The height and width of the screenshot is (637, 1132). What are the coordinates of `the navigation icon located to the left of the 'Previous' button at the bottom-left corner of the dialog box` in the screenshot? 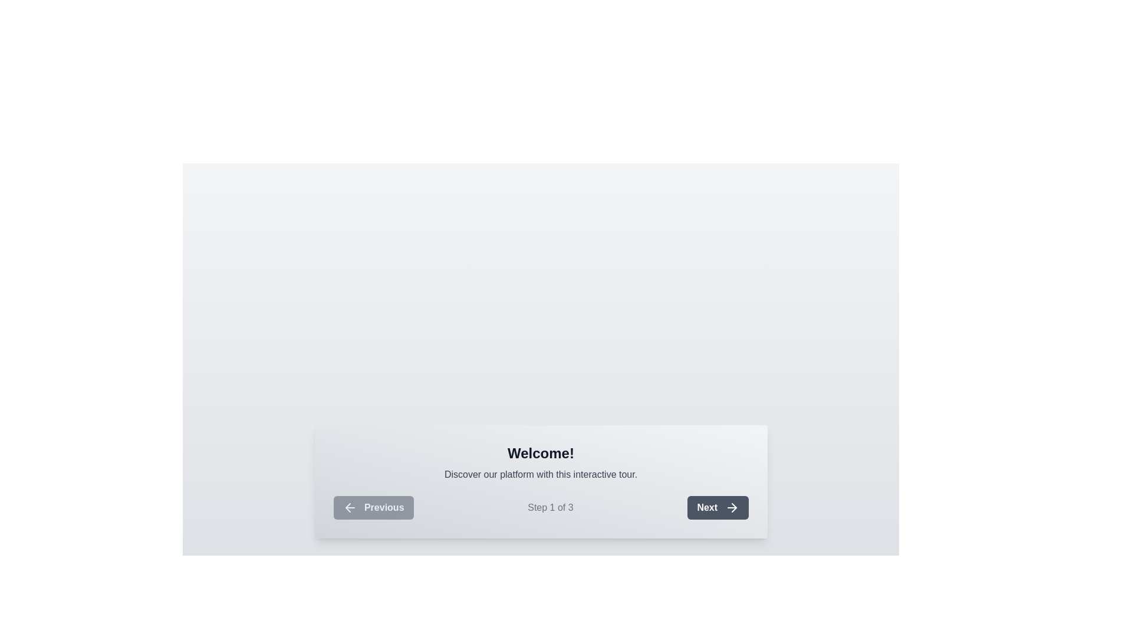 It's located at (349, 507).